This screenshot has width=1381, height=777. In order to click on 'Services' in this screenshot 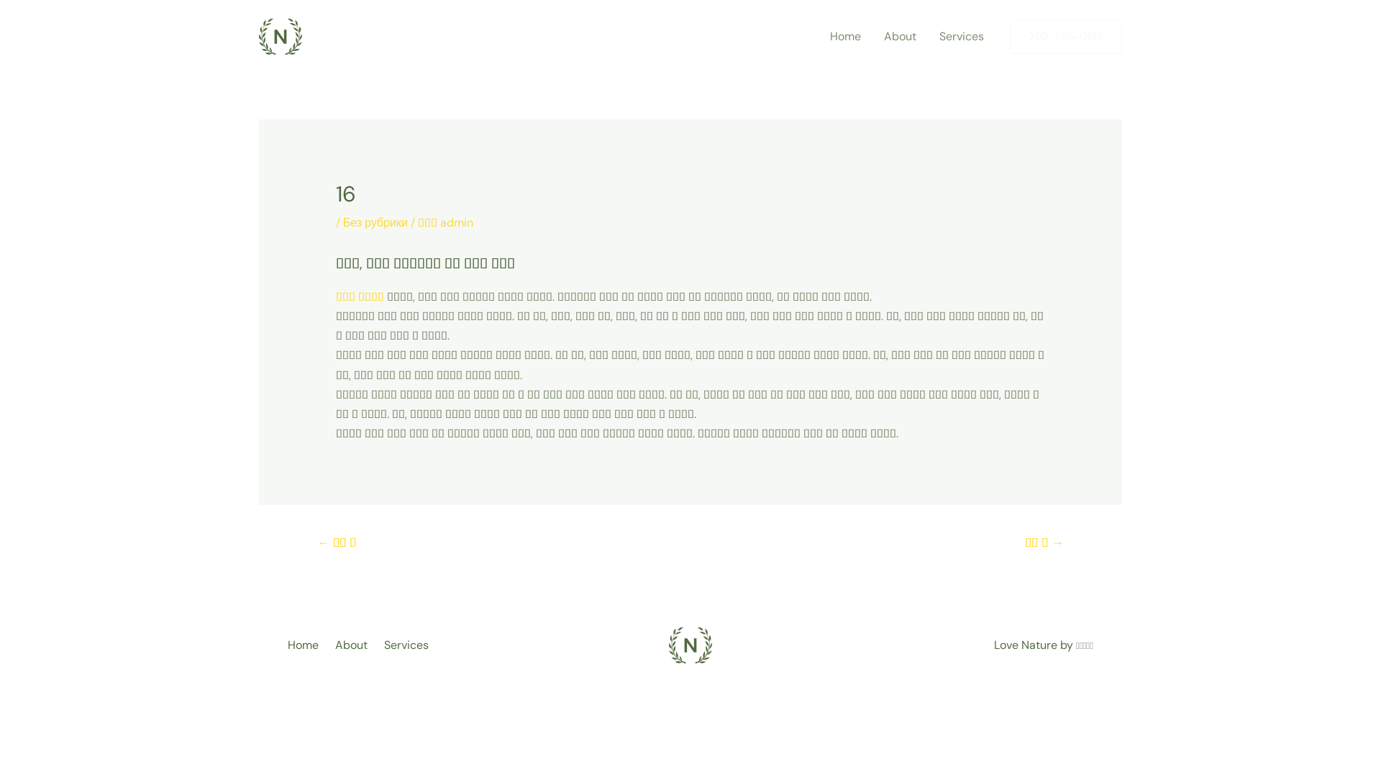, I will do `click(962, 35)`.